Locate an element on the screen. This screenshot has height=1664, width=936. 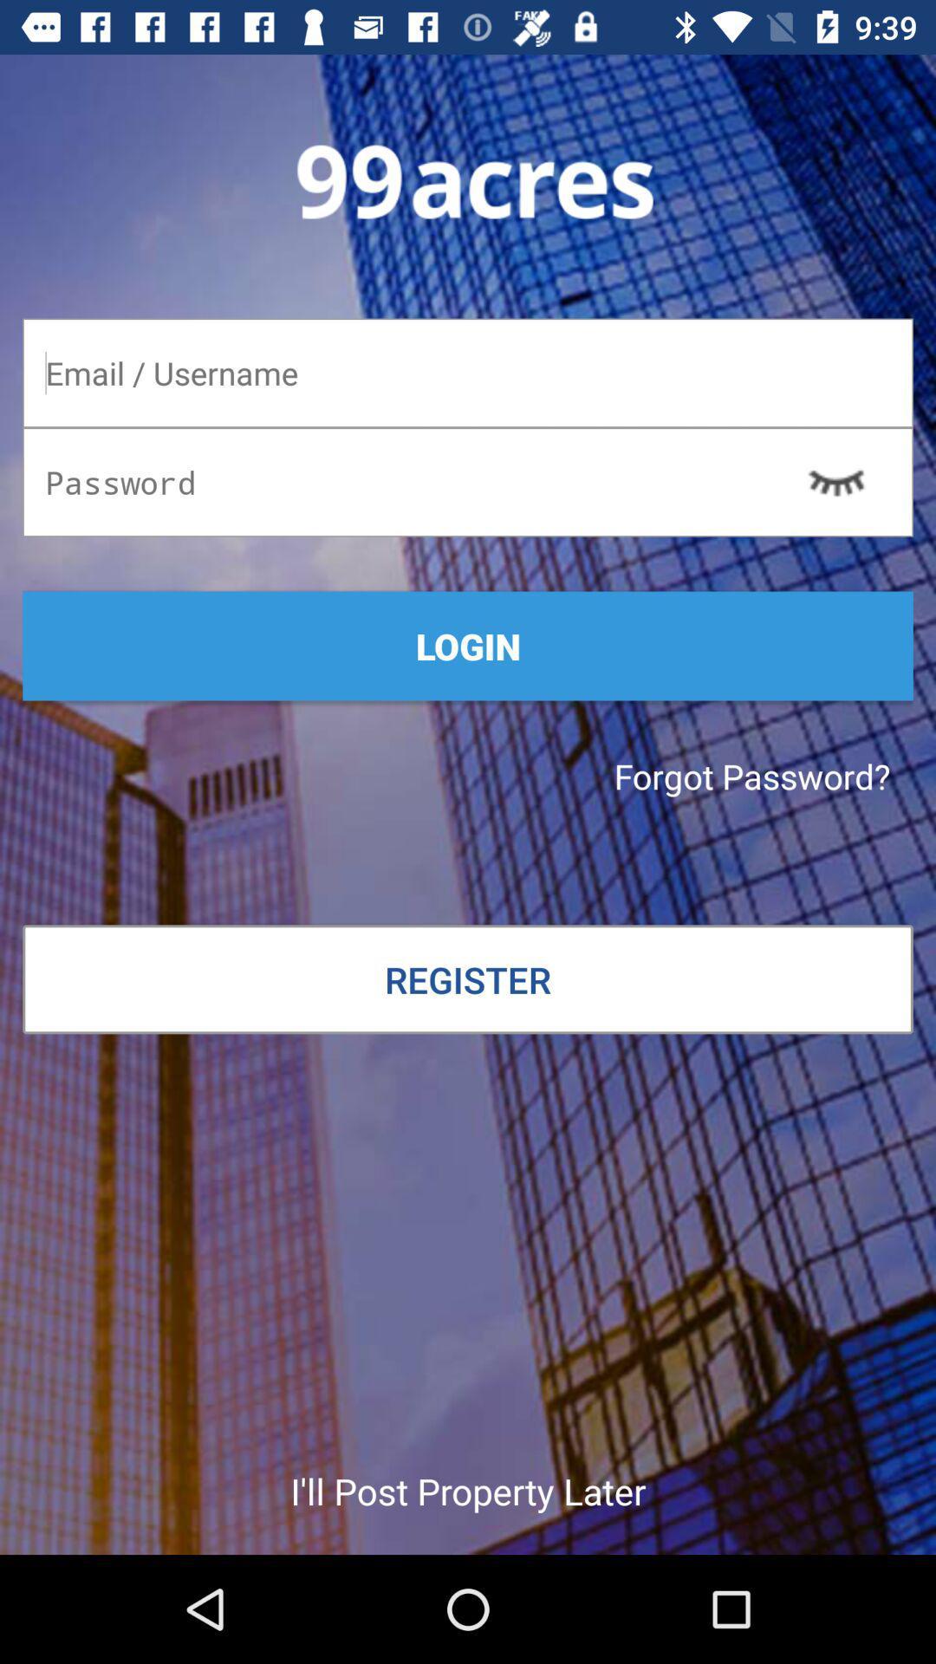
address page is located at coordinates (468, 372).